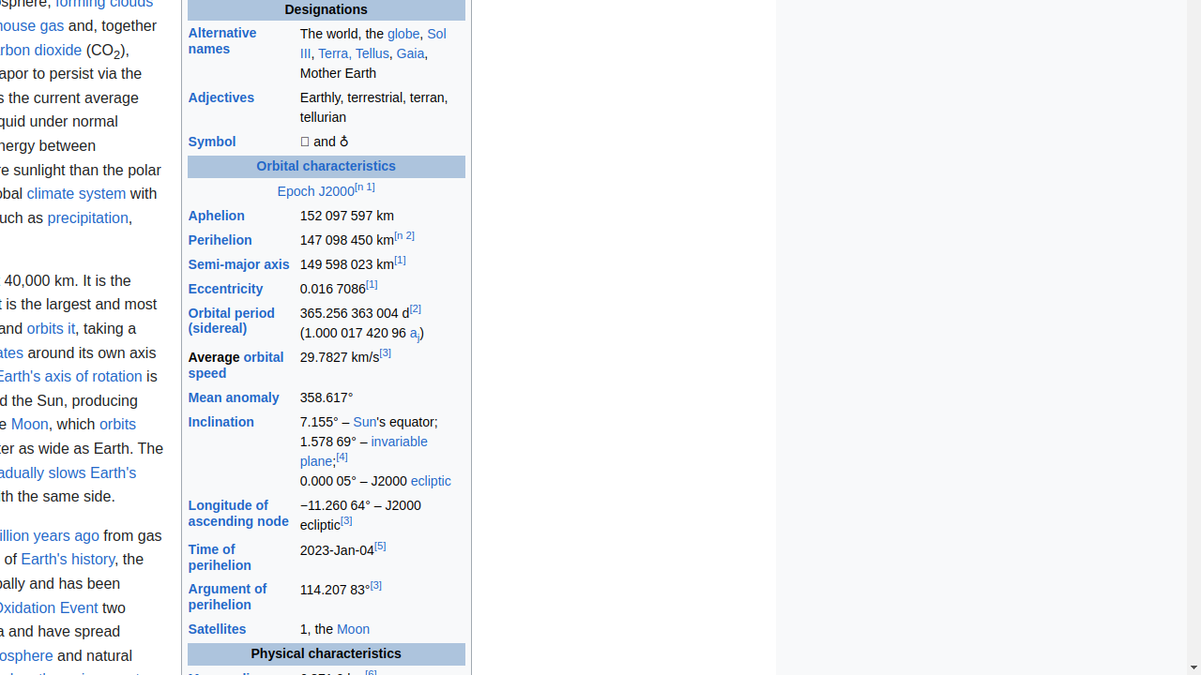 The image size is (1201, 675). I want to click on 'invariable plane', so click(363, 451).